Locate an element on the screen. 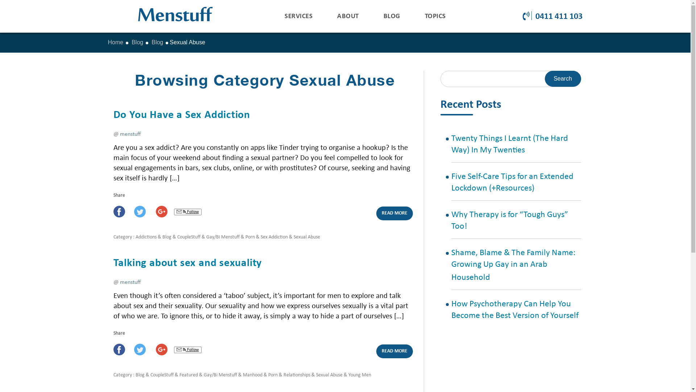 This screenshot has height=392, width=696. 'TOPICS' is located at coordinates (435, 16).